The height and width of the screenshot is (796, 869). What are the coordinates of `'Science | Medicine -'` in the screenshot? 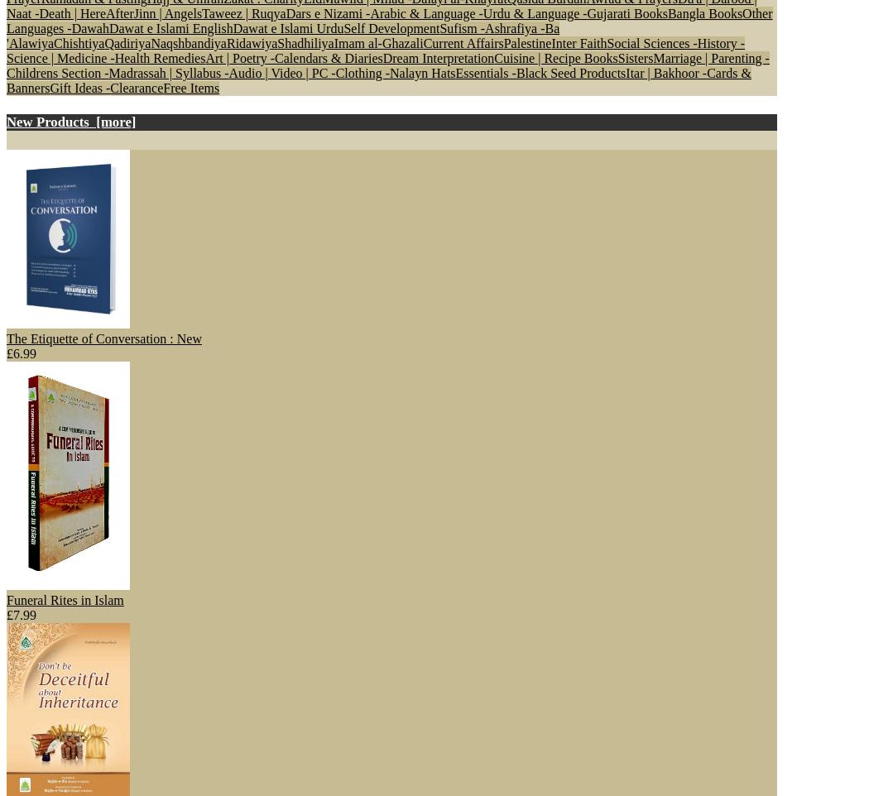 It's located at (59, 57).